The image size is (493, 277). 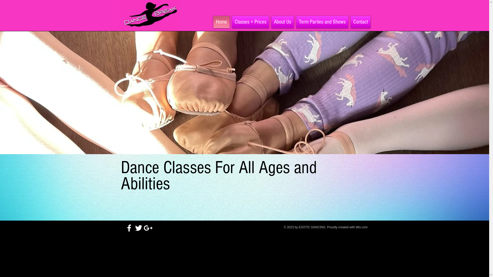 I want to click on 'About Us', so click(x=282, y=22).